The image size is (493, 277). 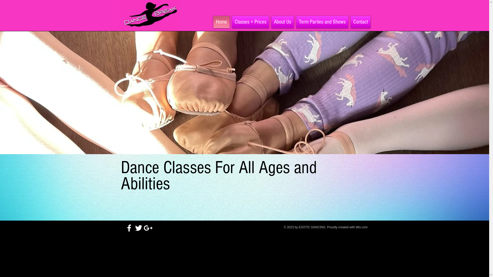 I want to click on 'About Us', so click(x=282, y=22).